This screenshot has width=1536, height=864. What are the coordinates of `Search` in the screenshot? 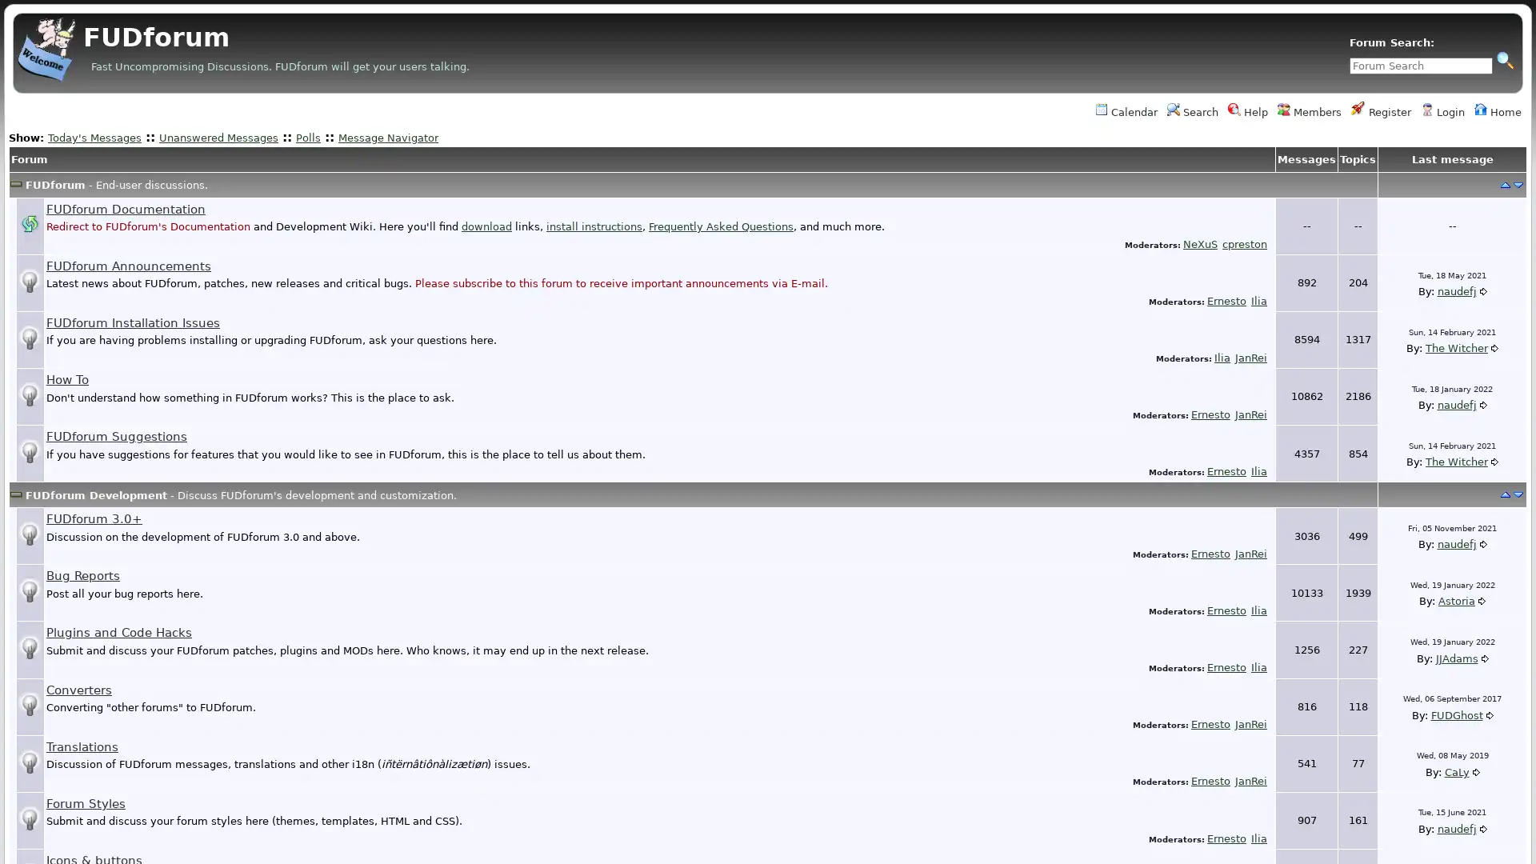 It's located at (1504, 58).